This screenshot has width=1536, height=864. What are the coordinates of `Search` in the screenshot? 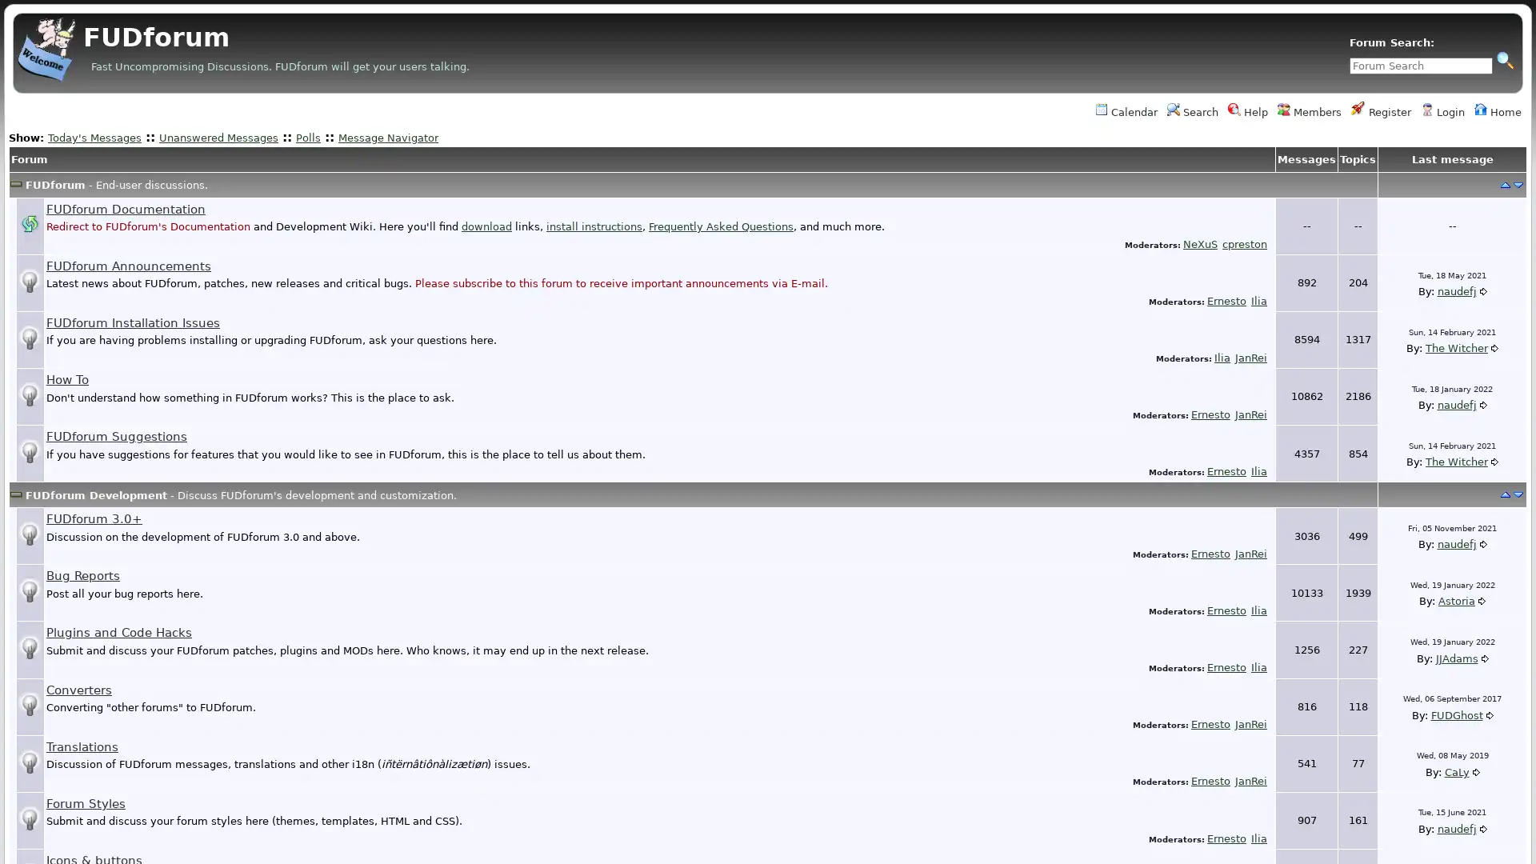 It's located at (1504, 58).